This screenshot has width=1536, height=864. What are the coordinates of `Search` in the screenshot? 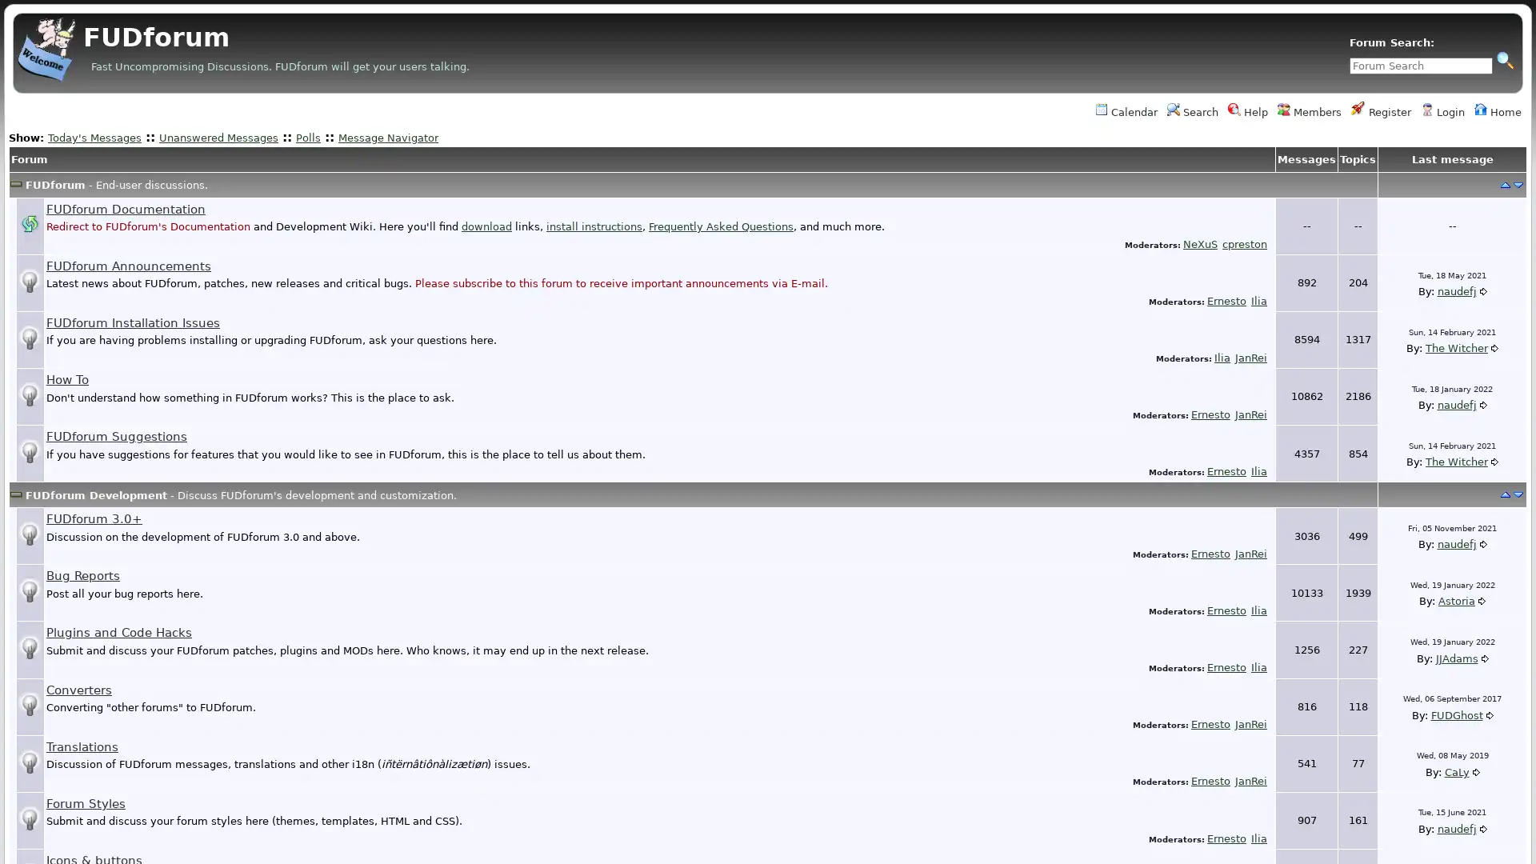 It's located at (1504, 58).